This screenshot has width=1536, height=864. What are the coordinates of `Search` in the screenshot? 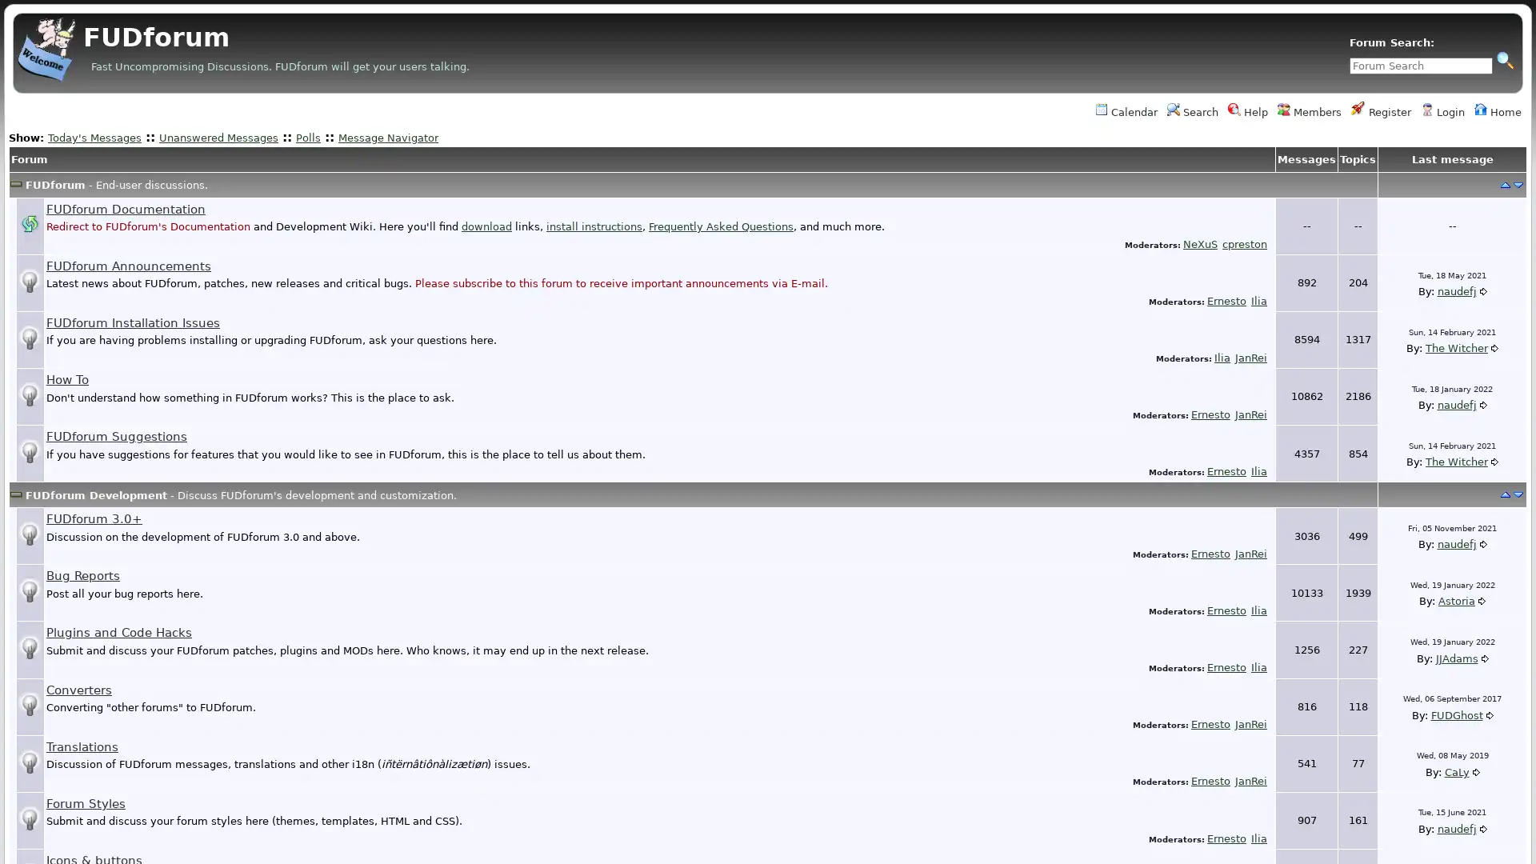 It's located at (1504, 58).